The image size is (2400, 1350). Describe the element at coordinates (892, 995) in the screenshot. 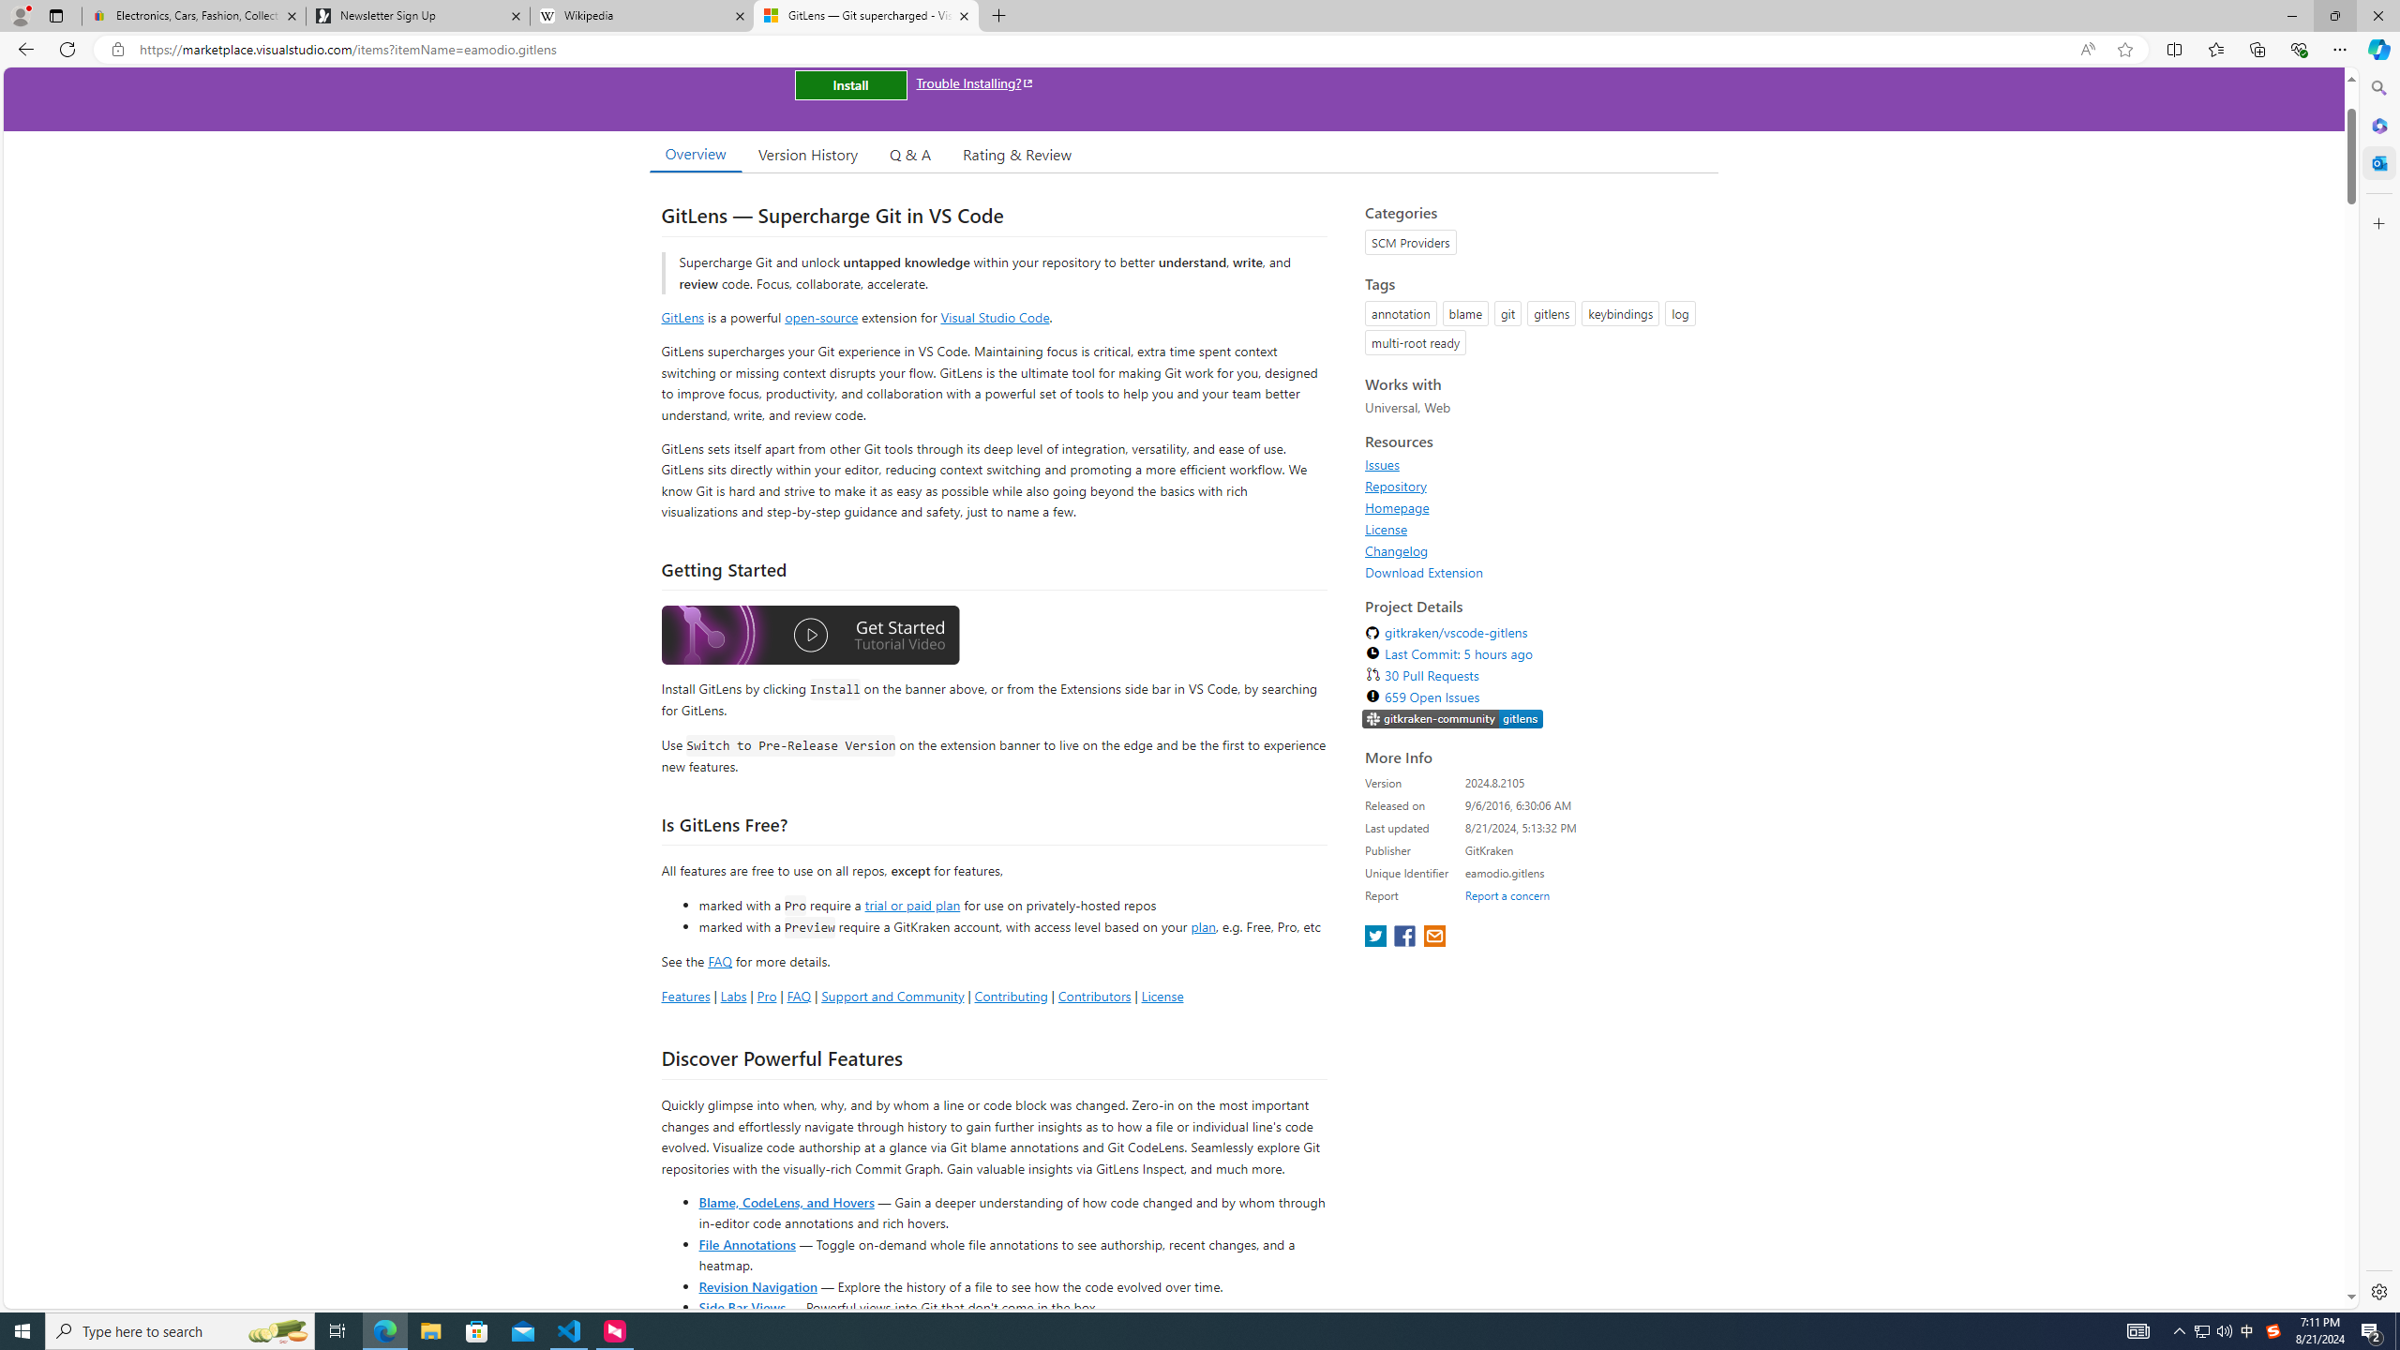

I see `'Support and Community'` at that location.